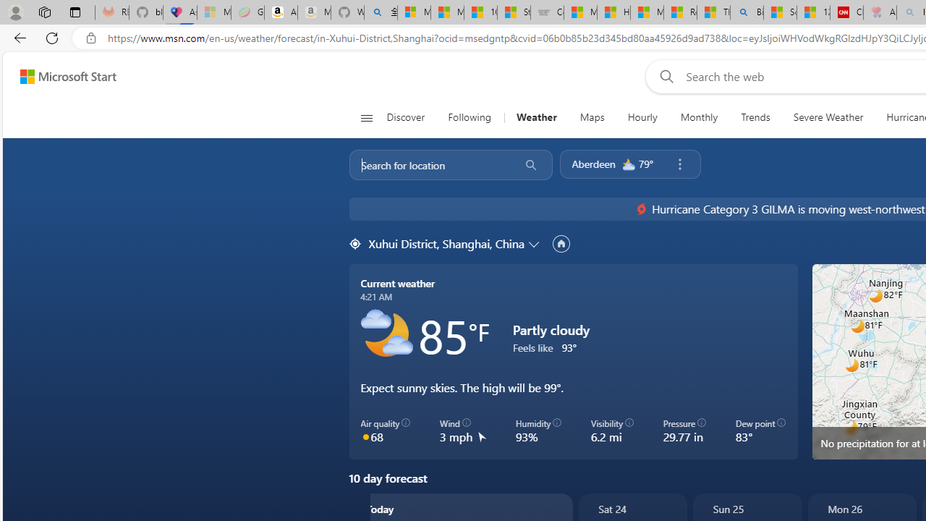 This screenshot has height=521, width=926. Describe the element at coordinates (679, 12) in the screenshot. I see `'Recipes - MSN'` at that location.